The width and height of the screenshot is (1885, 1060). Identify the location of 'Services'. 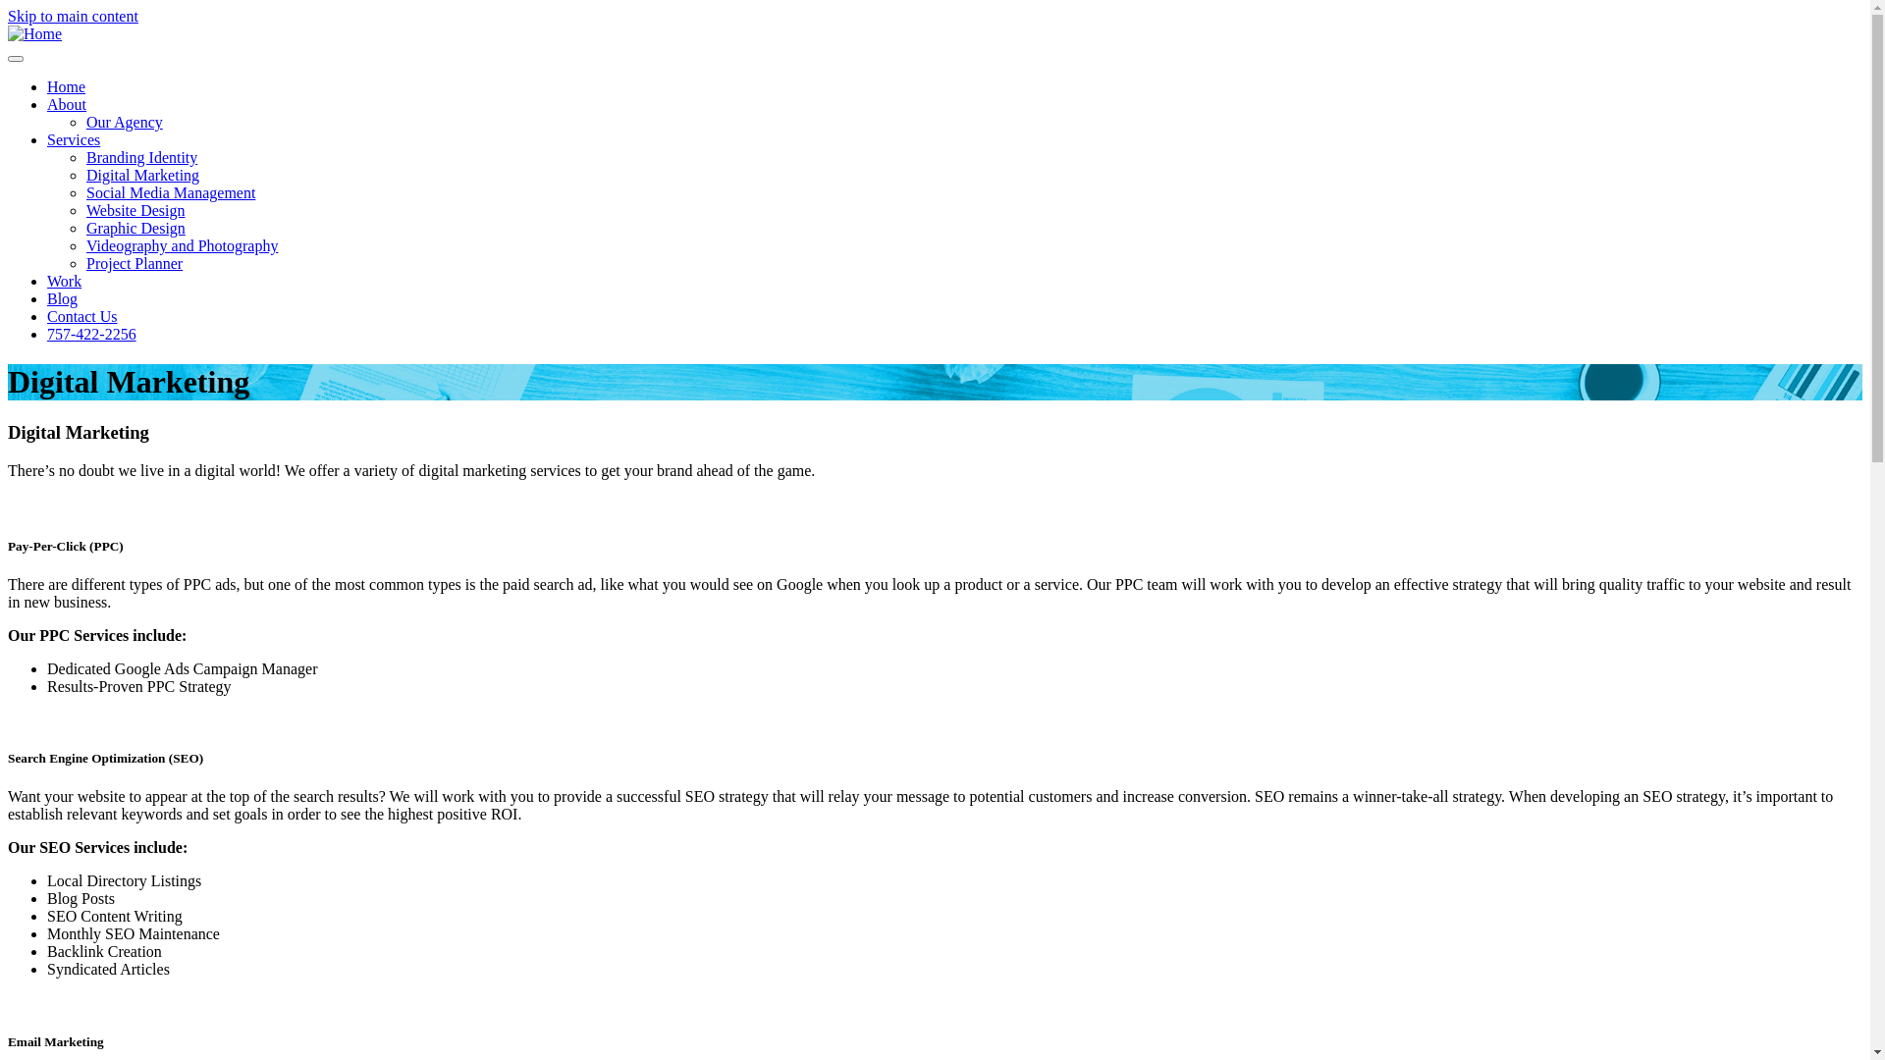
(74, 138).